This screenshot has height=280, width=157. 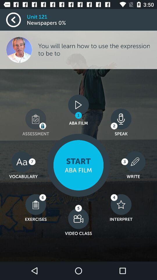 I want to click on start film, so click(x=78, y=165).